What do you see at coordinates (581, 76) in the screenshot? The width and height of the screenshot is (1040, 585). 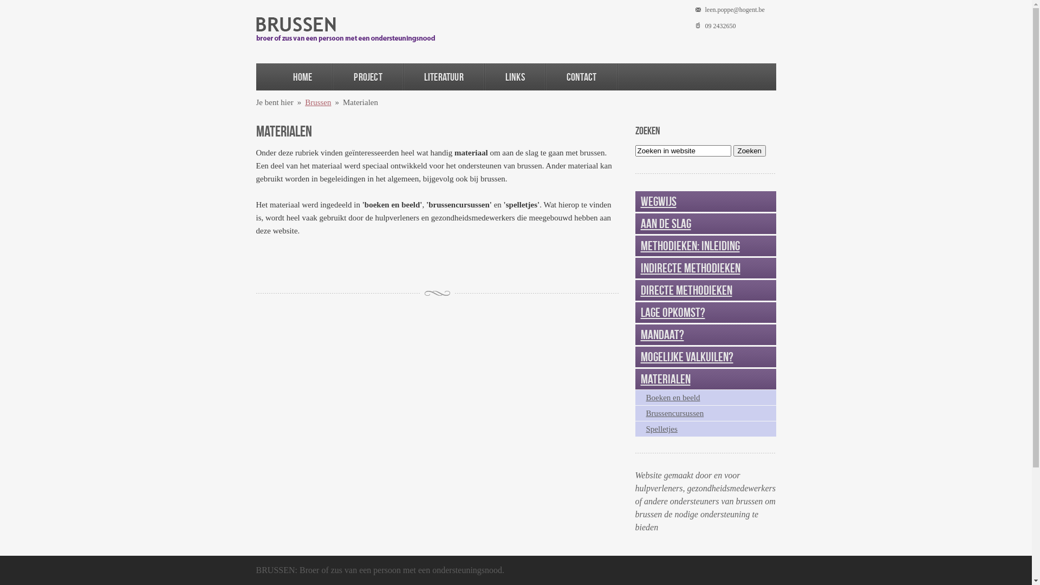 I see `'Contact'` at bounding box center [581, 76].